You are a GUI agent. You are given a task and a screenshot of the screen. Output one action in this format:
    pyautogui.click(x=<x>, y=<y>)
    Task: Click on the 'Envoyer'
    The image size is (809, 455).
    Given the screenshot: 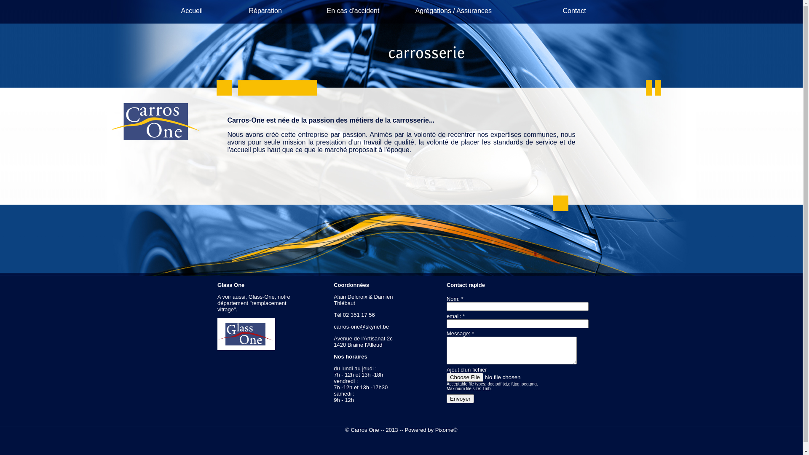 What is the action you would take?
    pyautogui.click(x=460, y=398)
    